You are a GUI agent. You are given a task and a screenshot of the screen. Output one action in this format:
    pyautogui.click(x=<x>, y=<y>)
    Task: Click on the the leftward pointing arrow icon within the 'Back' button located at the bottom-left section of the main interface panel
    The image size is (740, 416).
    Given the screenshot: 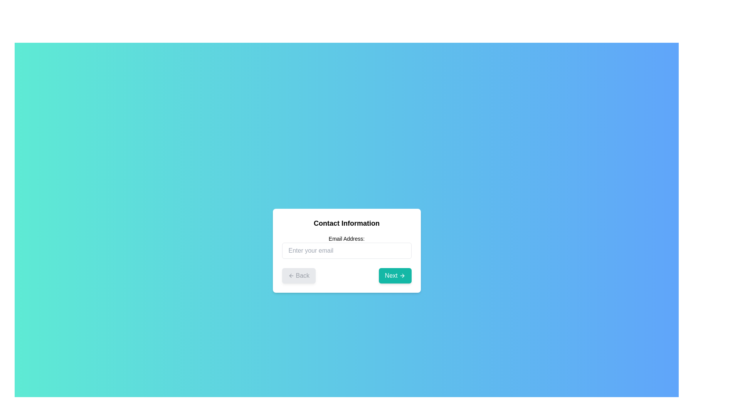 What is the action you would take?
    pyautogui.click(x=290, y=275)
    